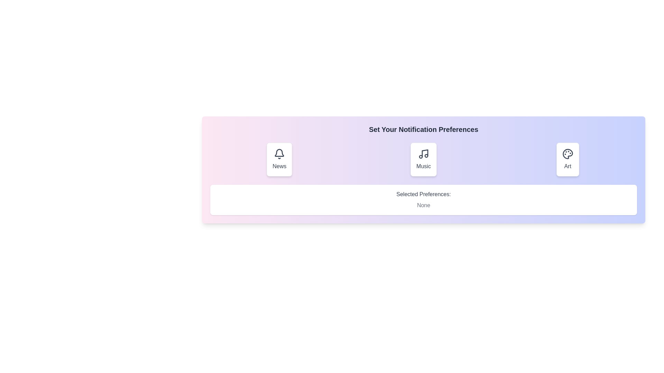 The height and width of the screenshot is (373, 664). I want to click on the 'Art' category icon in the notification preferences selection interface, so click(568, 154).